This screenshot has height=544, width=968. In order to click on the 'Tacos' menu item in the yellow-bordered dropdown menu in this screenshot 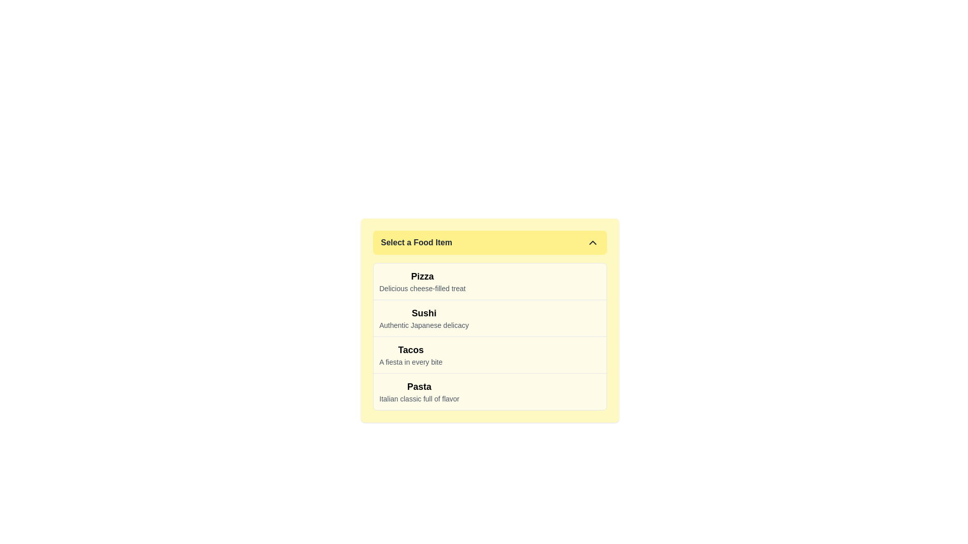, I will do `click(490, 354)`.